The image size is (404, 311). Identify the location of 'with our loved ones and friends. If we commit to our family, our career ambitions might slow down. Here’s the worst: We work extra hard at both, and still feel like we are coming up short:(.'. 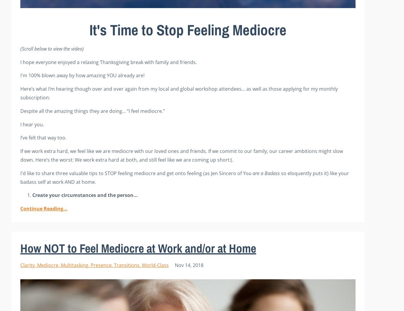
(181, 155).